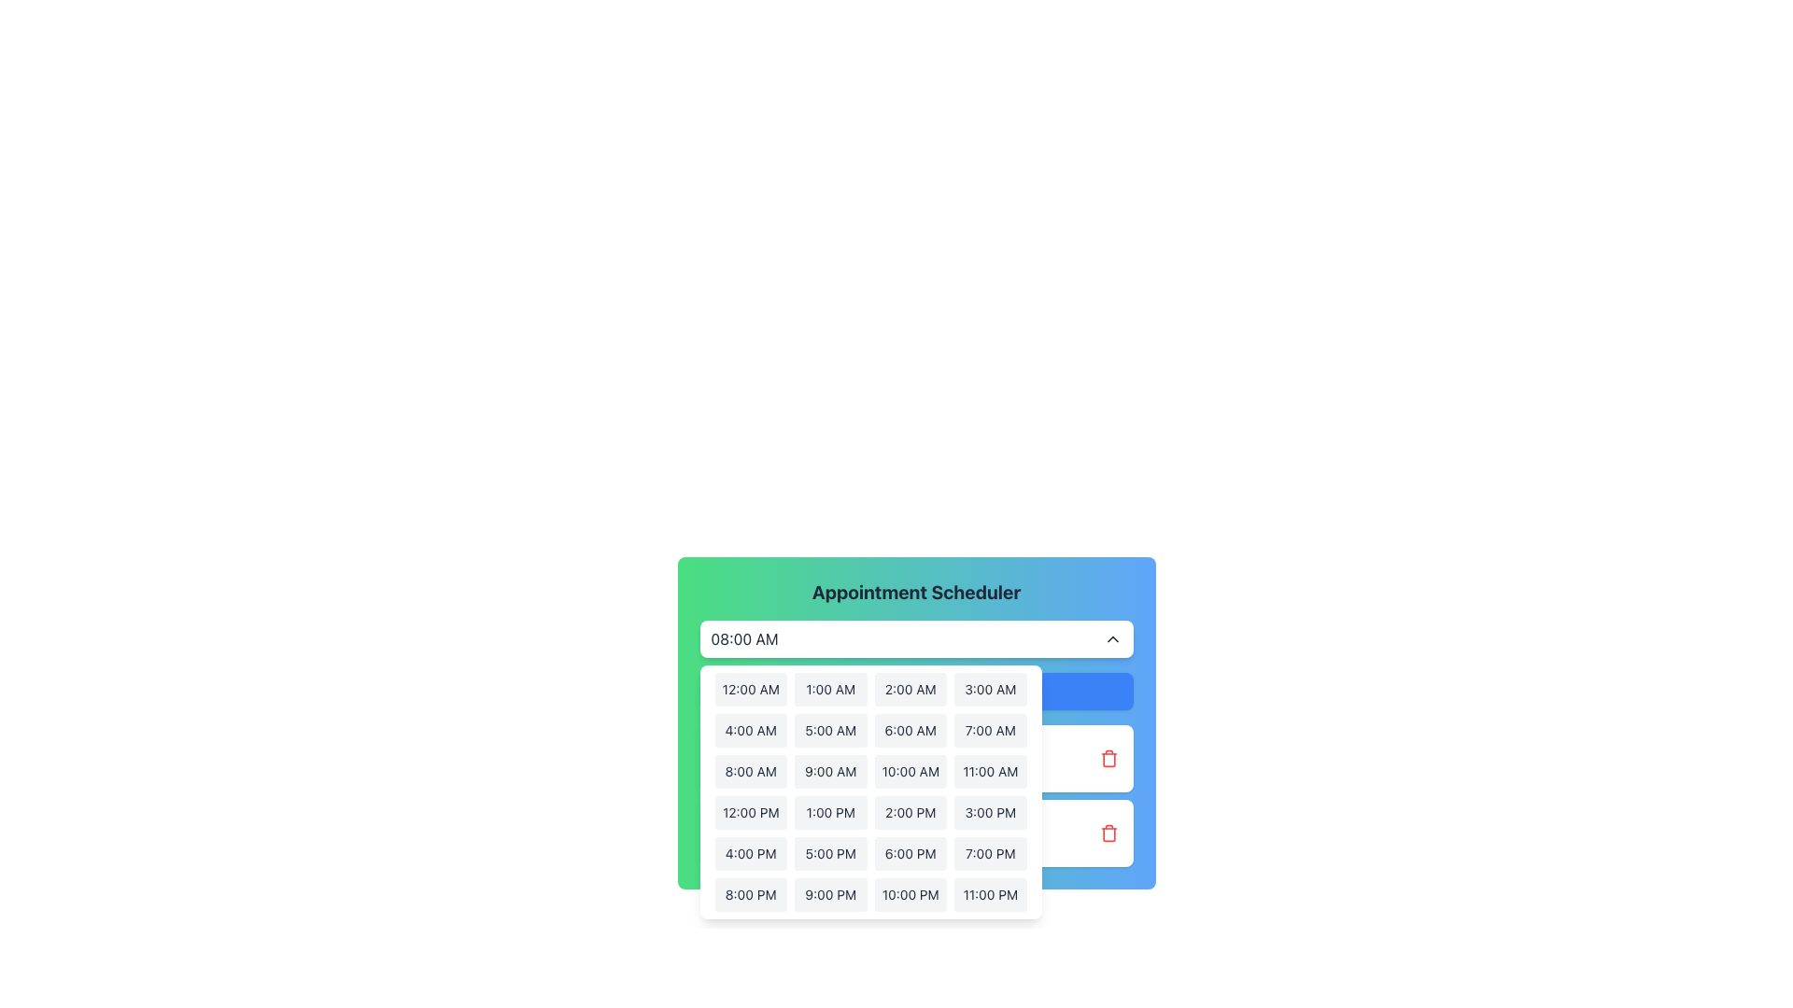 This screenshot has height=1008, width=1793. What do you see at coordinates (751, 690) in the screenshot?
I see `the button labeled '12:00 AM' in the dropdown list of time options` at bounding box center [751, 690].